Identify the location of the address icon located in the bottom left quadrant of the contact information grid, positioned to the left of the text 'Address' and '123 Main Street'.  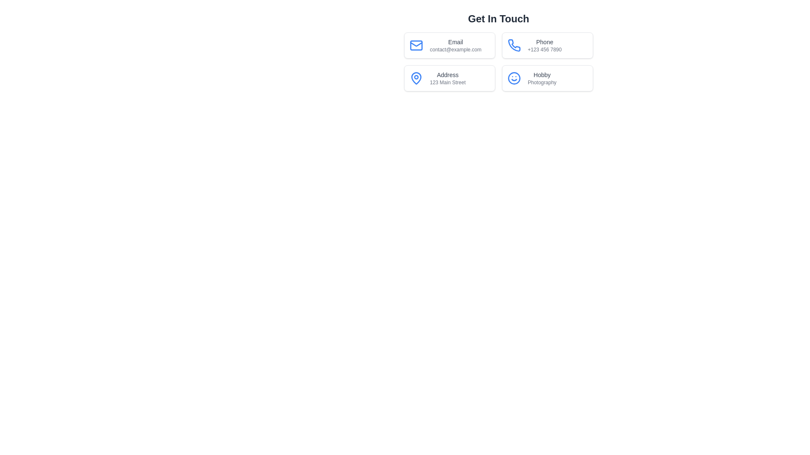
(416, 78).